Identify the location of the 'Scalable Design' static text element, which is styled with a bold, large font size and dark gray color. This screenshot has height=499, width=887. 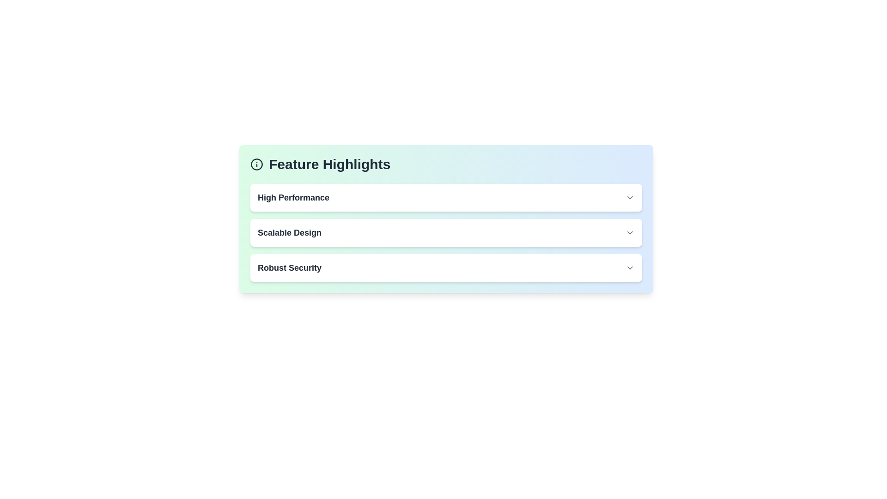
(289, 232).